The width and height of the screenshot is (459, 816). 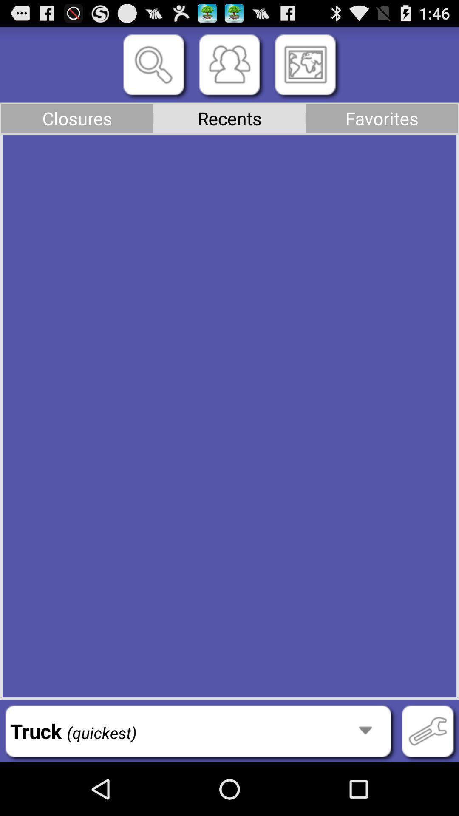 What do you see at coordinates (428, 731) in the screenshot?
I see `button to the right of truck (quickest) icon` at bounding box center [428, 731].